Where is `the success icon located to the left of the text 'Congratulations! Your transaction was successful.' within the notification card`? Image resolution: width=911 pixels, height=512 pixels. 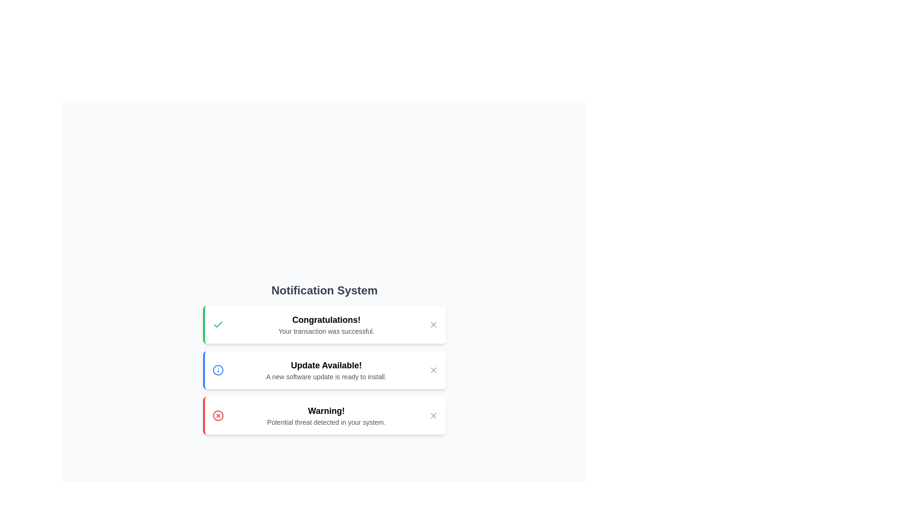 the success icon located to the left of the text 'Congratulations! Your transaction was successful.' within the notification card is located at coordinates (218, 324).